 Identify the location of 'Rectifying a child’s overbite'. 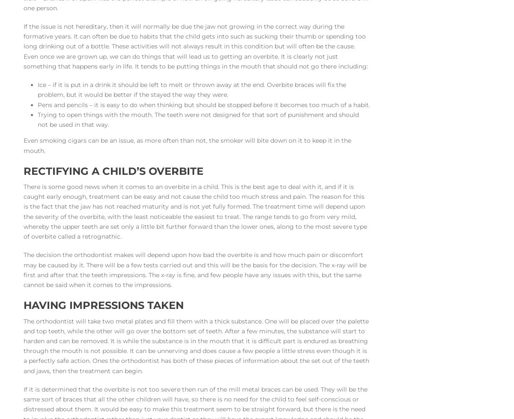
(113, 170).